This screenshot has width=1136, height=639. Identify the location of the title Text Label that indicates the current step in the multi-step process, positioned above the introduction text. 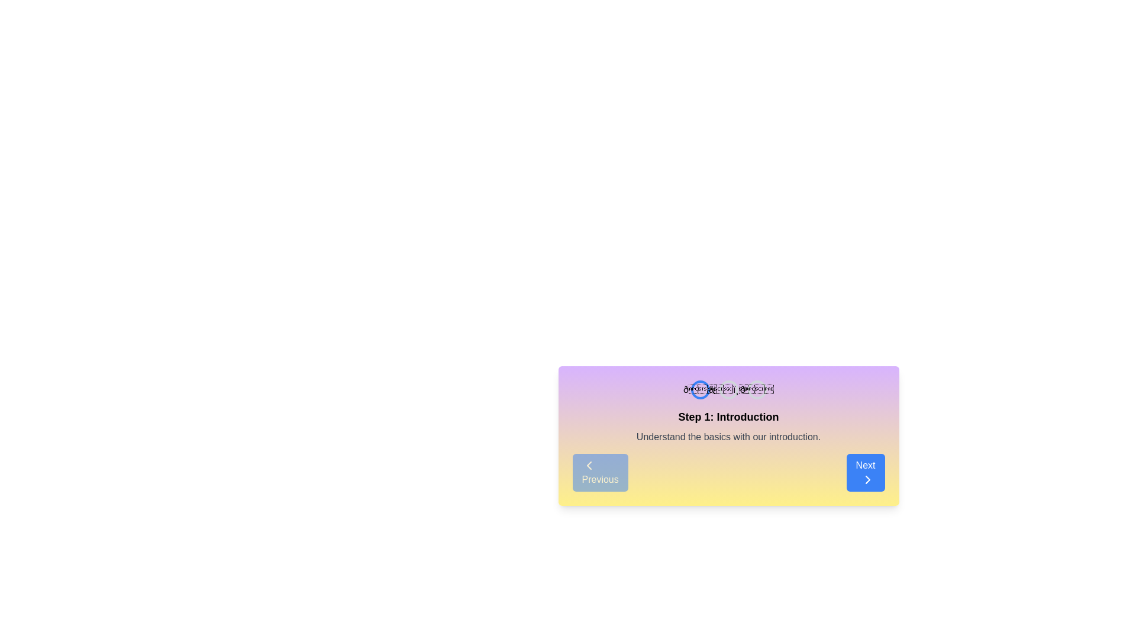
(728, 417).